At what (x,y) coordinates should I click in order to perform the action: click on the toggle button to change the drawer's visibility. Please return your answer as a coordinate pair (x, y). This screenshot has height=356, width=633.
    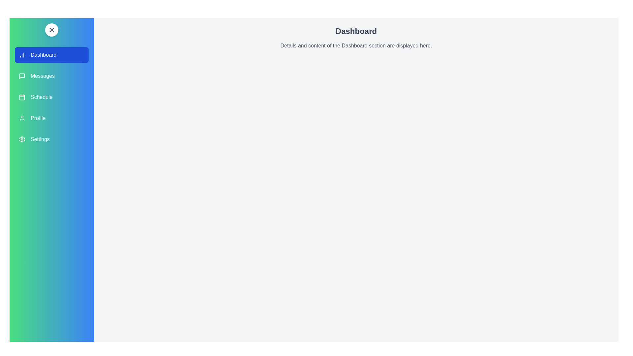
    Looking at the image, I should click on (51, 30).